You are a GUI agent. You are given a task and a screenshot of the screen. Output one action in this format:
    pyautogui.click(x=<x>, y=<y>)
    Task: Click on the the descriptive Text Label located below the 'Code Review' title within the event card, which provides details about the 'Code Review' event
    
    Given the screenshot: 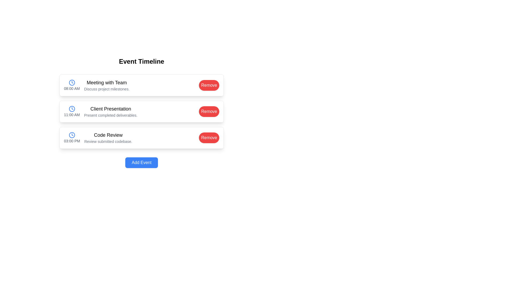 What is the action you would take?
    pyautogui.click(x=108, y=141)
    